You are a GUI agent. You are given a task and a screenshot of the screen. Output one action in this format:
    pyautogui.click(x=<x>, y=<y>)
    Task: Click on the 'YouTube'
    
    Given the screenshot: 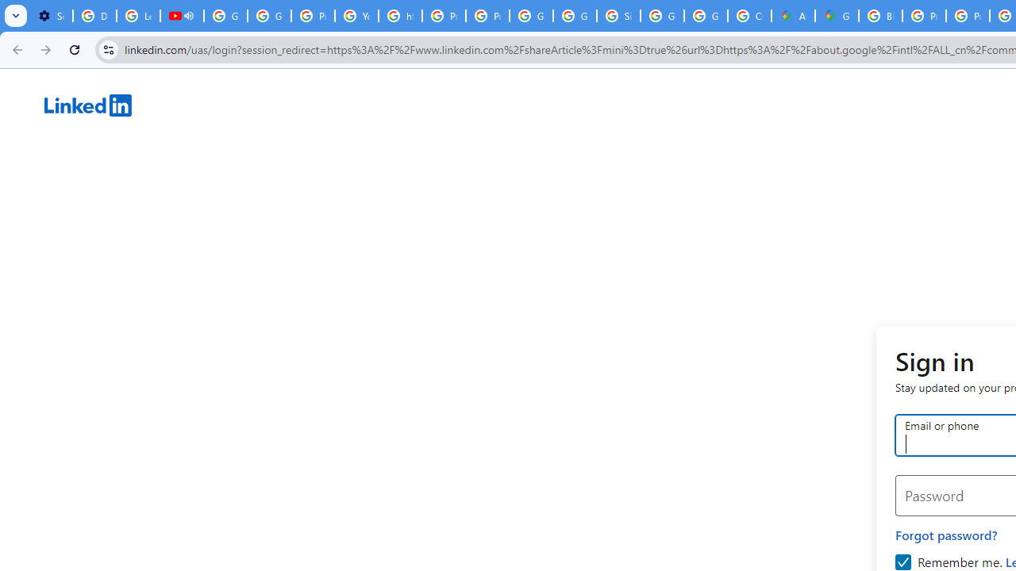 What is the action you would take?
    pyautogui.click(x=356, y=16)
    